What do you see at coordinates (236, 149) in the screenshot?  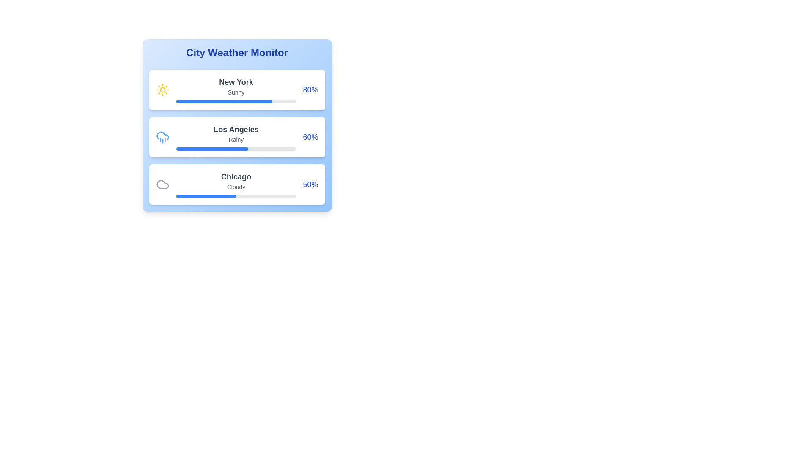 I see `the Progress bar that visually represents 60% completion, positioned below the 'Rainy' label in the 'Los Angeles' section of the card layout` at bounding box center [236, 149].